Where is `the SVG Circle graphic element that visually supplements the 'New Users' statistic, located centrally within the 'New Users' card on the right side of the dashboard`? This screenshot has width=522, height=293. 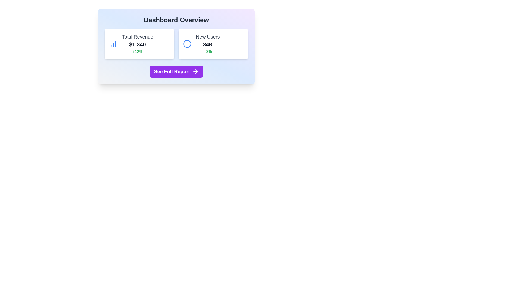 the SVG Circle graphic element that visually supplements the 'New Users' statistic, located centrally within the 'New Users' card on the right side of the dashboard is located at coordinates (187, 44).